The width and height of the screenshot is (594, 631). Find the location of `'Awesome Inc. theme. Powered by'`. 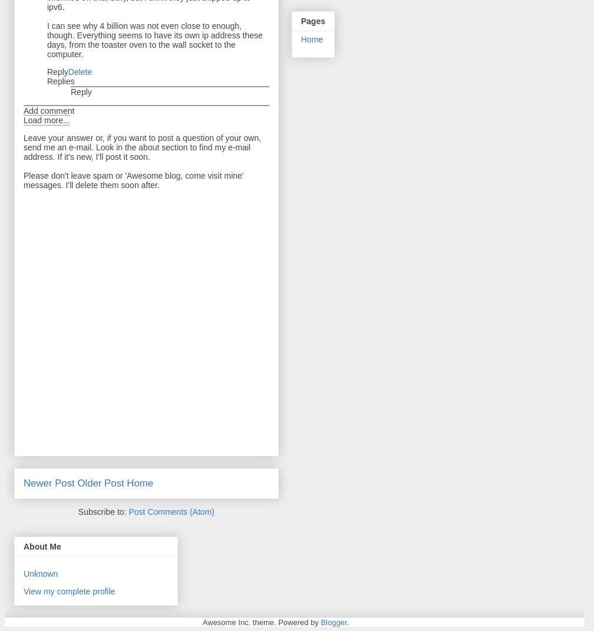

'Awesome Inc. theme. Powered by' is located at coordinates (261, 622).